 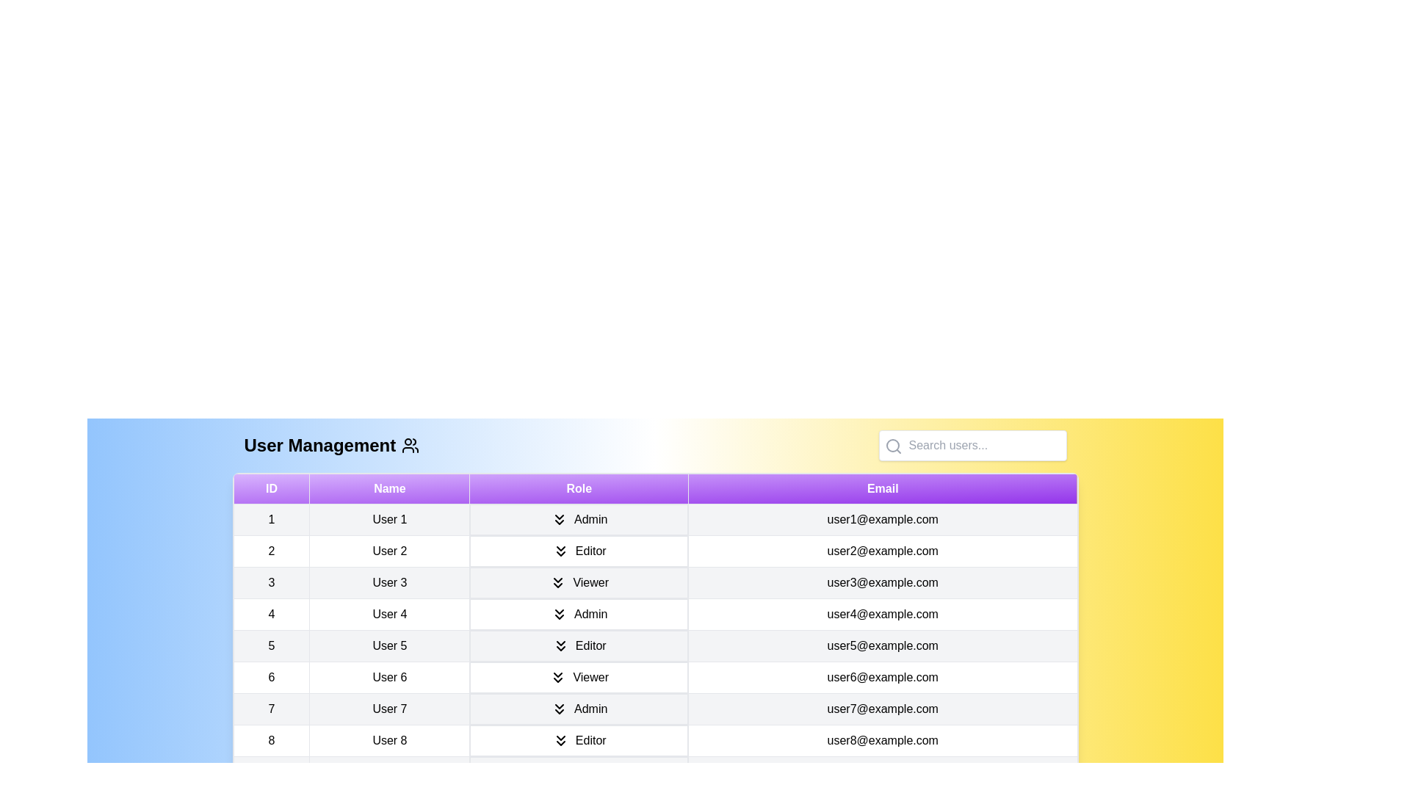 What do you see at coordinates (389, 489) in the screenshot?
I see `the column header Name to interact with it` at bounding box center [389, 489].